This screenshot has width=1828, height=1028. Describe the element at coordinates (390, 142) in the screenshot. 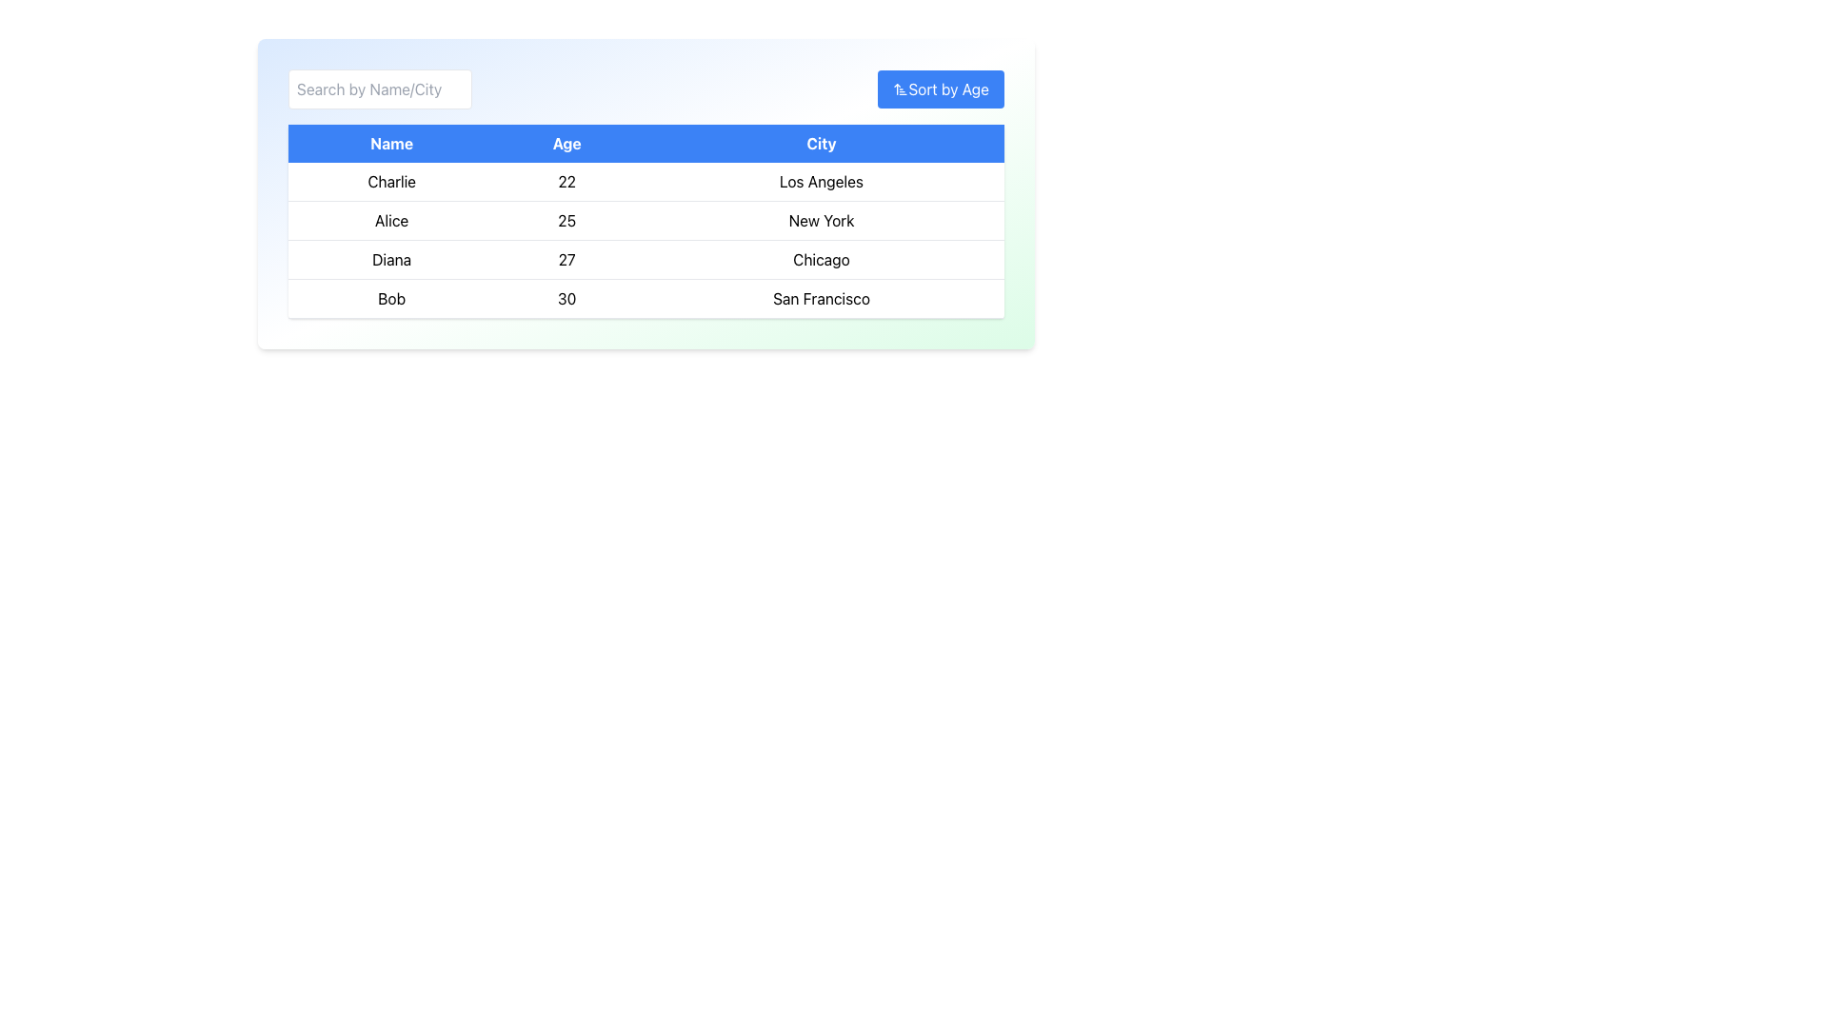

I see `text from the text label displaying 'Name' in white font on a blue background, which is the first column header in the table` at that location.